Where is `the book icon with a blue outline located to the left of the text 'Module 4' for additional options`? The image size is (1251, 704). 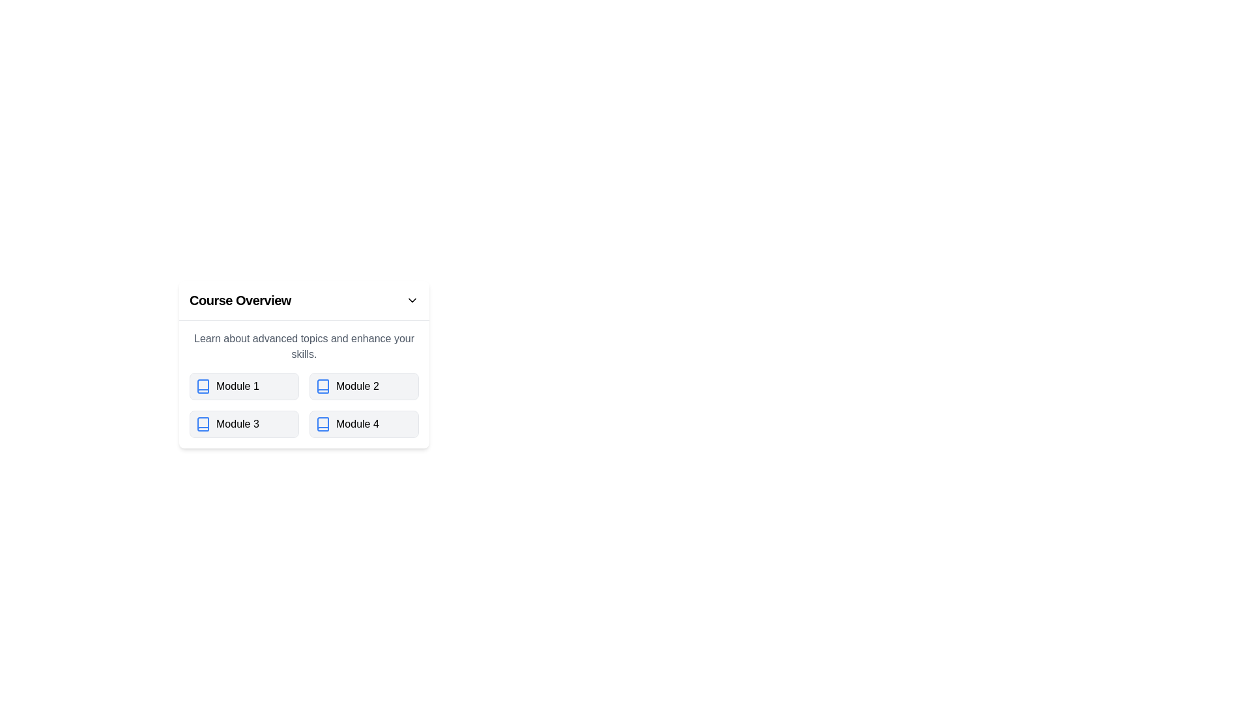
the book icon with a blue outline located to the left of the text 'Module 4' for additional options is located at coordinates (323, 424).